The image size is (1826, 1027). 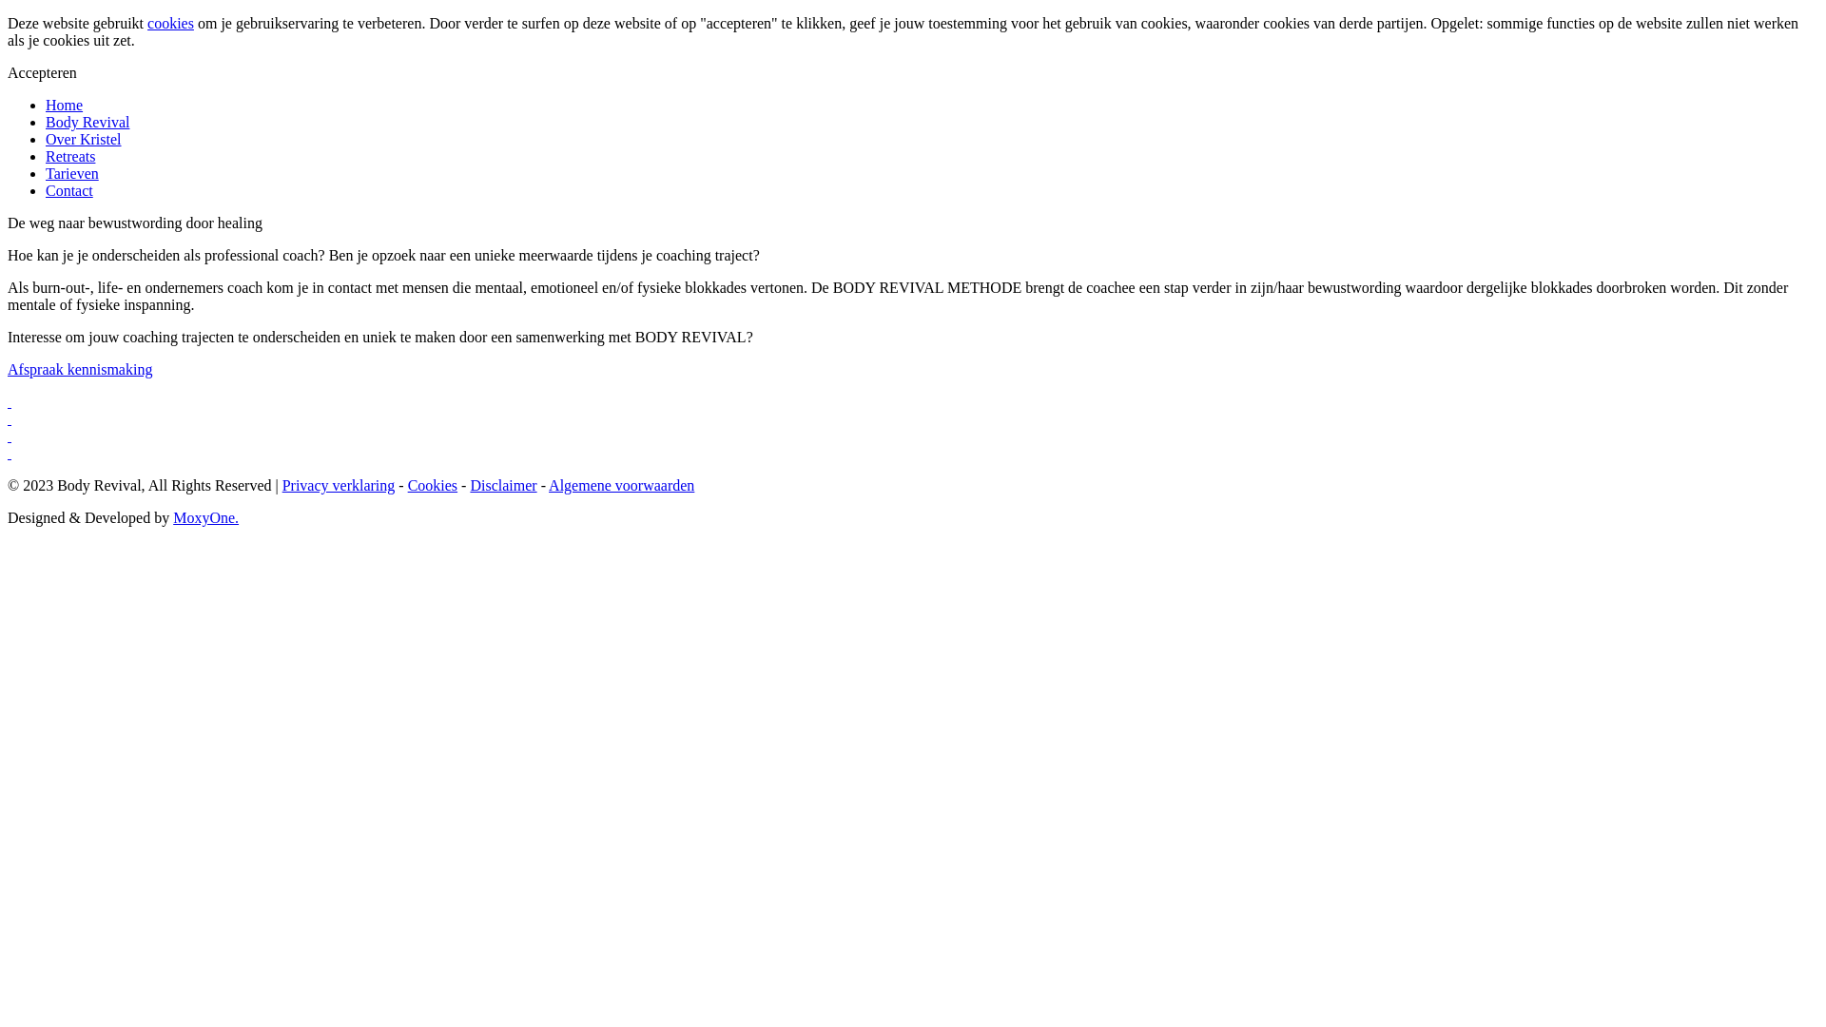 I want to click on 'Algemene voorwaarden', so click(x=621, y=484).